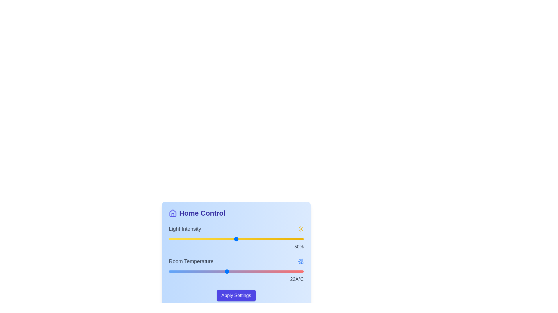 This screenshot has height=313, width=558. I want to click on the light intensity slider to 81%, so click(278, 239).